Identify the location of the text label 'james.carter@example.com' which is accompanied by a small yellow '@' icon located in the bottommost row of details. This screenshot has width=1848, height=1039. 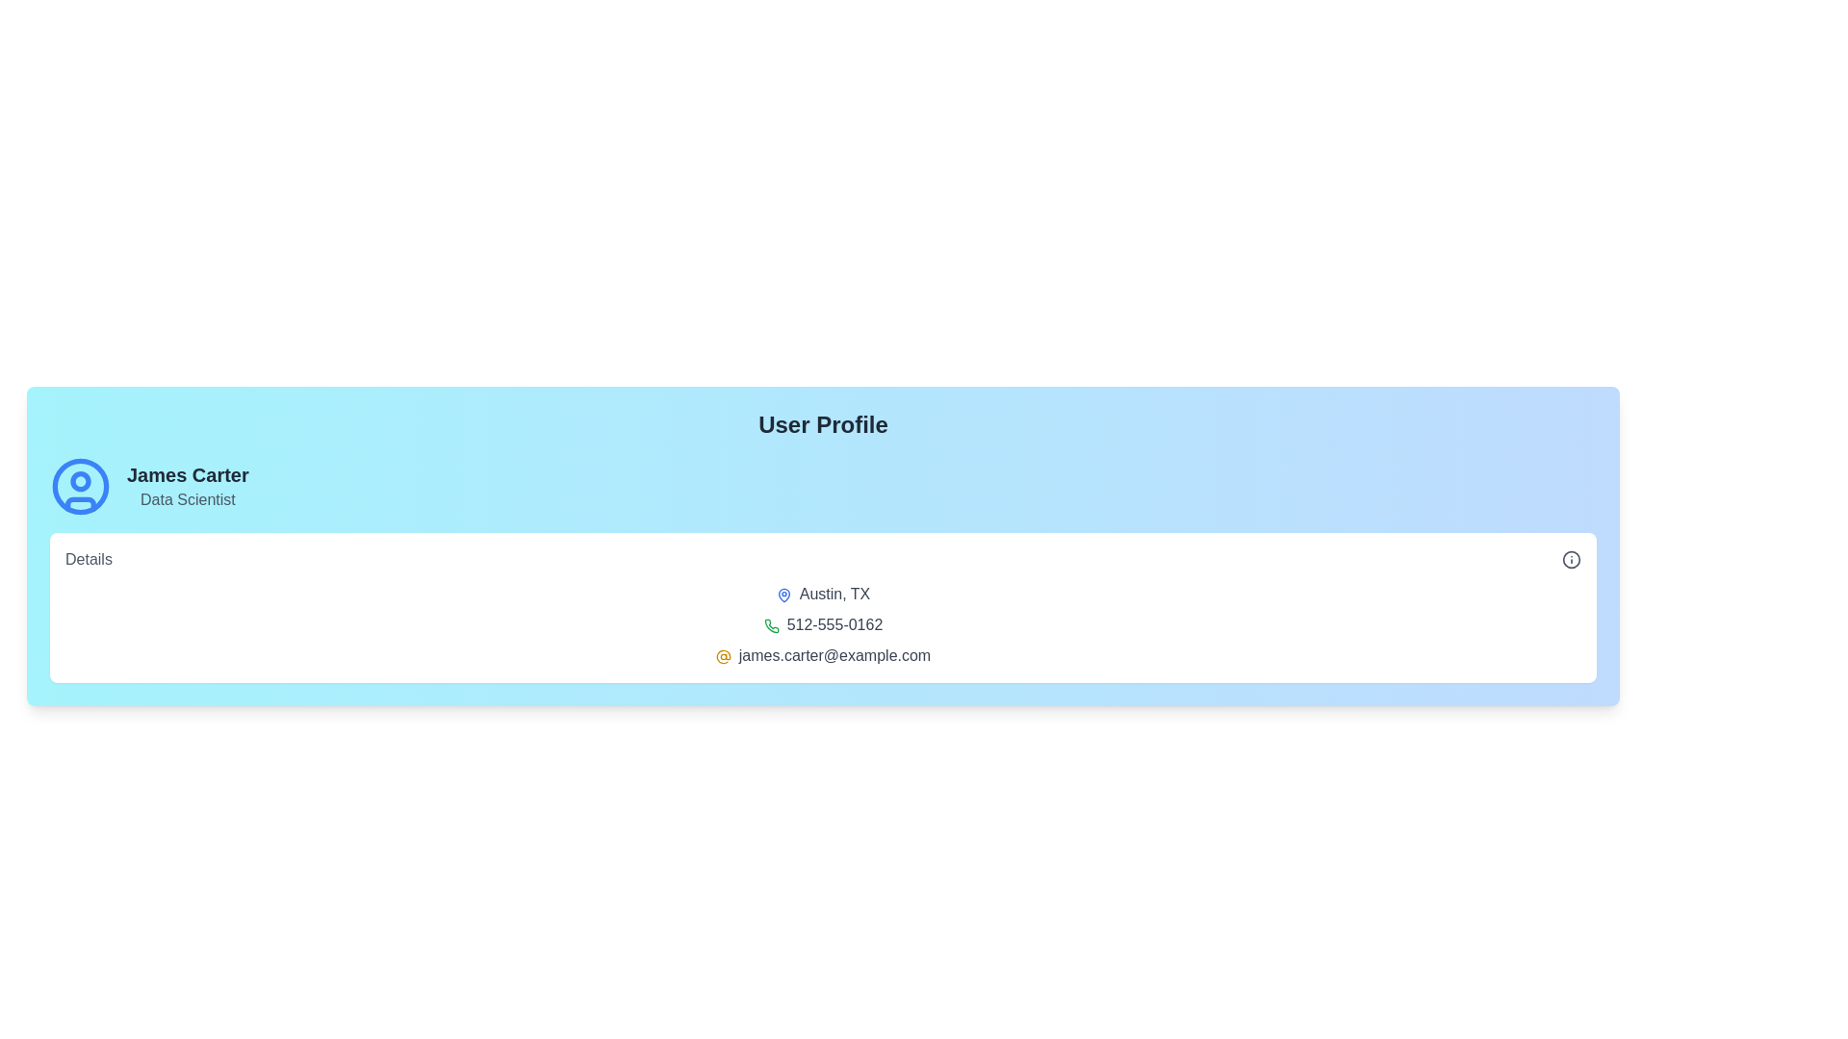
(823, 655).